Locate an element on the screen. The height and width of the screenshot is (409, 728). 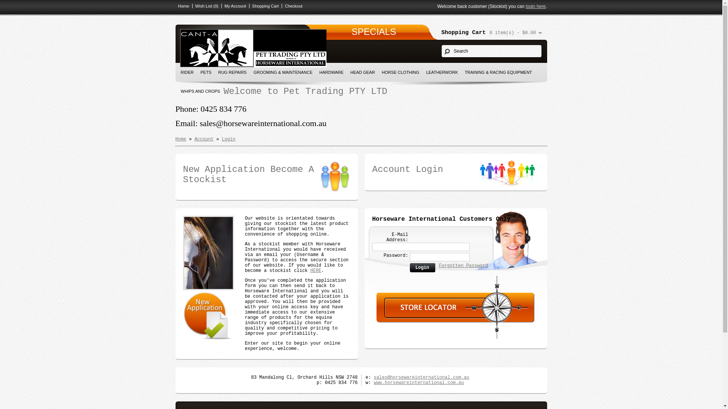
'New Application Become A Stockist' is located at coordinates (266, 175).